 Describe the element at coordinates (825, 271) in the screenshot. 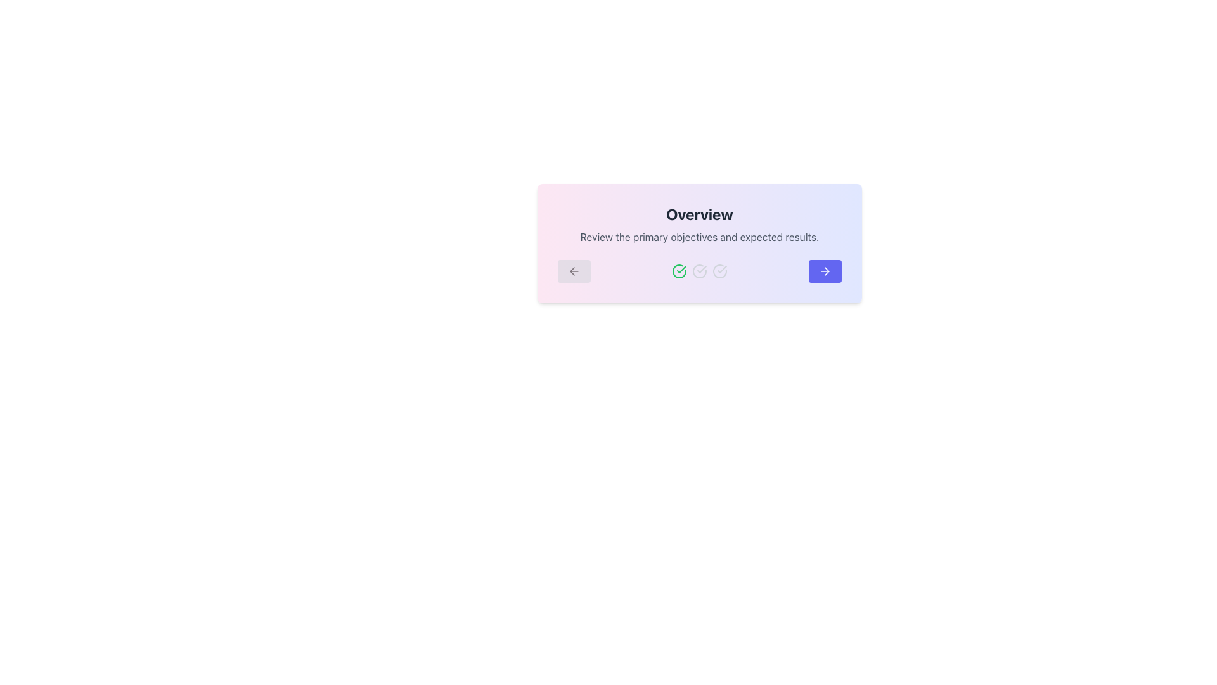

I see `the vibrant indigo blue button with a rightward arrow icon` at that location.